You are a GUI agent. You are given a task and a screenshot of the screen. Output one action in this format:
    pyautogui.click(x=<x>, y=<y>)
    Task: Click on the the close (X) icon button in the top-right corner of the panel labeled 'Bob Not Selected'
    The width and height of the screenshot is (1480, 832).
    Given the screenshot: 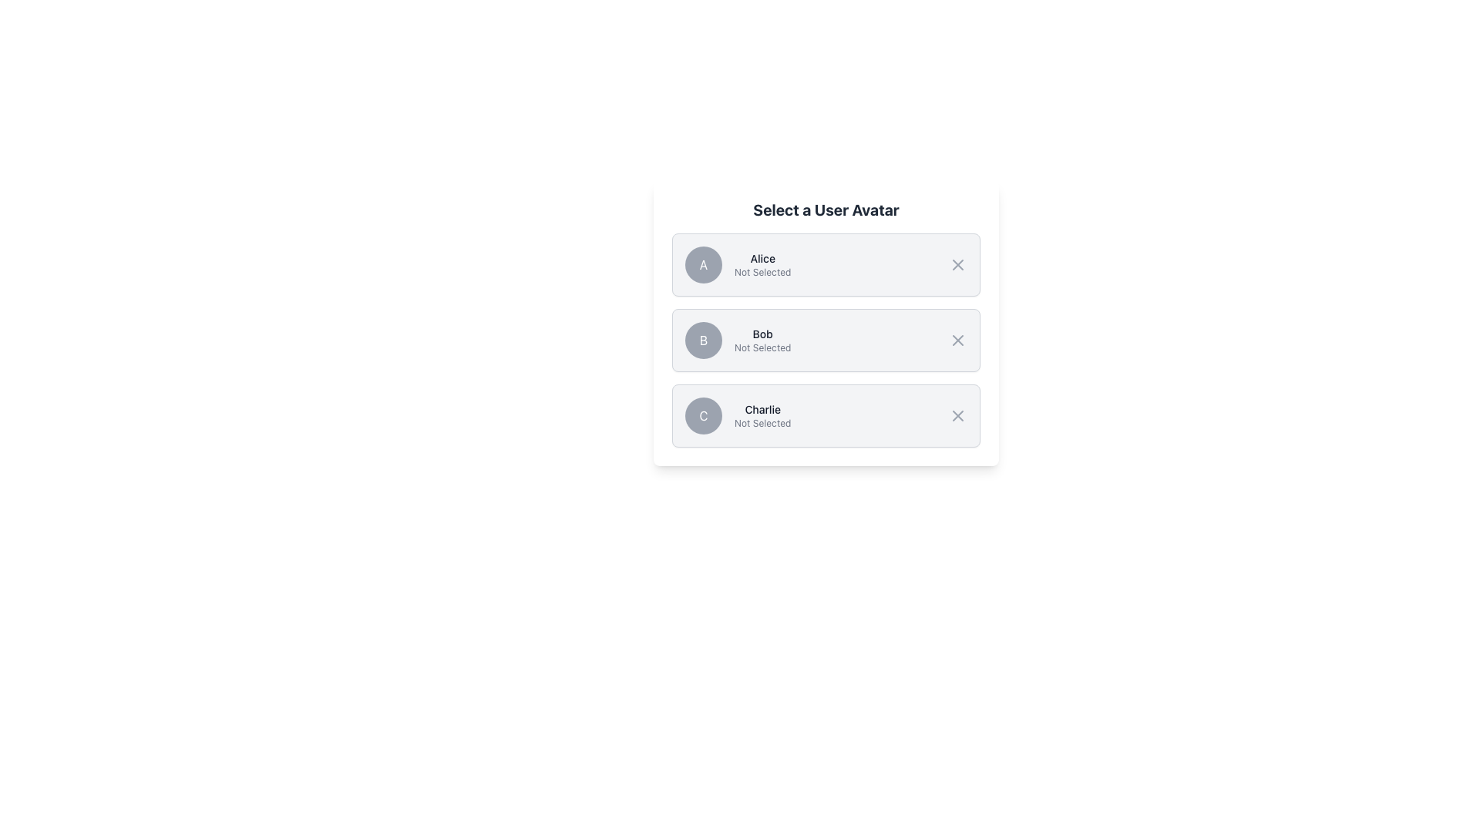 What is the action you would take?
    pyautogui.click(x=957, y=340)
    